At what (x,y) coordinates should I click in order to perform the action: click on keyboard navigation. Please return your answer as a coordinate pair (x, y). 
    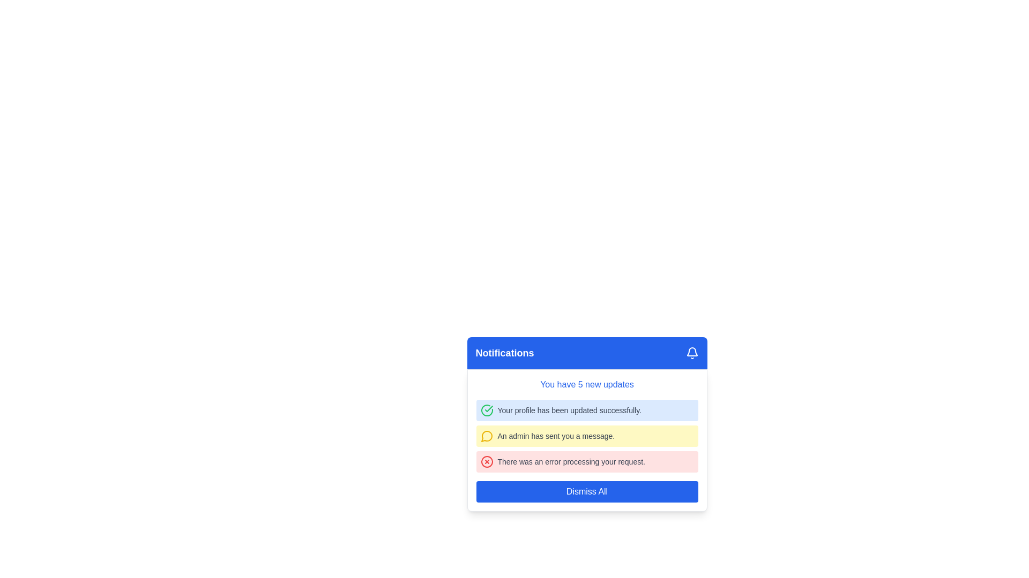
    Looking at the image, I should click on (692, 353).